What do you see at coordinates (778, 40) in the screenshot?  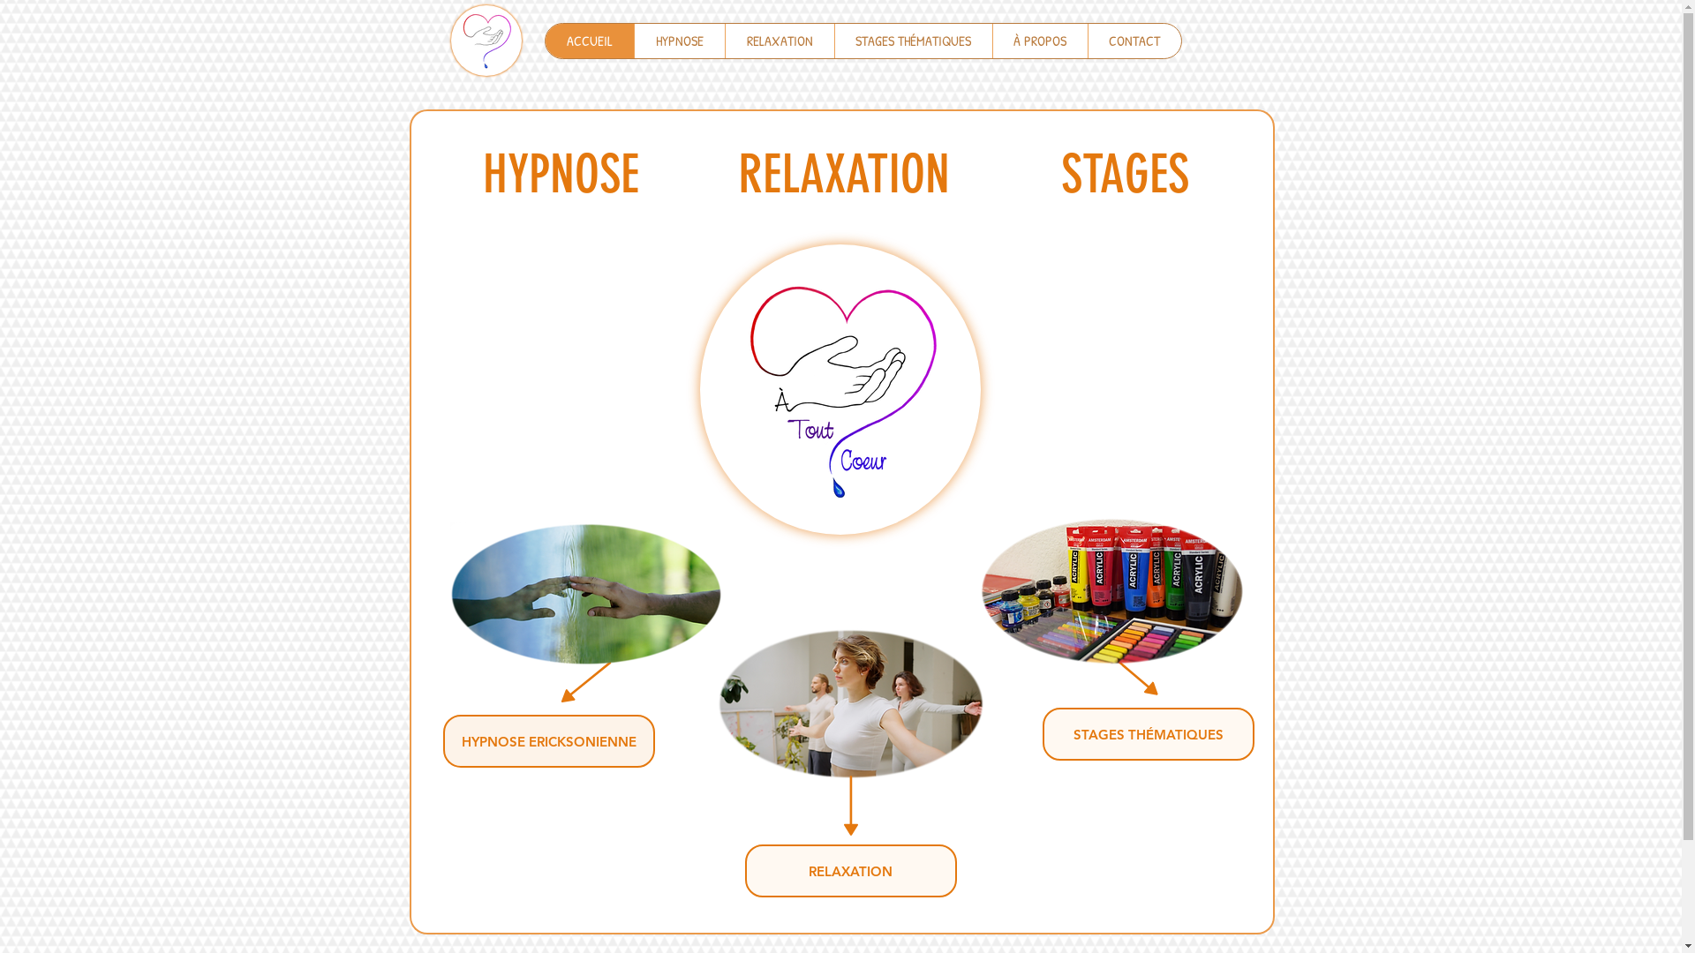 I see `'RELAXATION'` at bounding box center [778, 40].